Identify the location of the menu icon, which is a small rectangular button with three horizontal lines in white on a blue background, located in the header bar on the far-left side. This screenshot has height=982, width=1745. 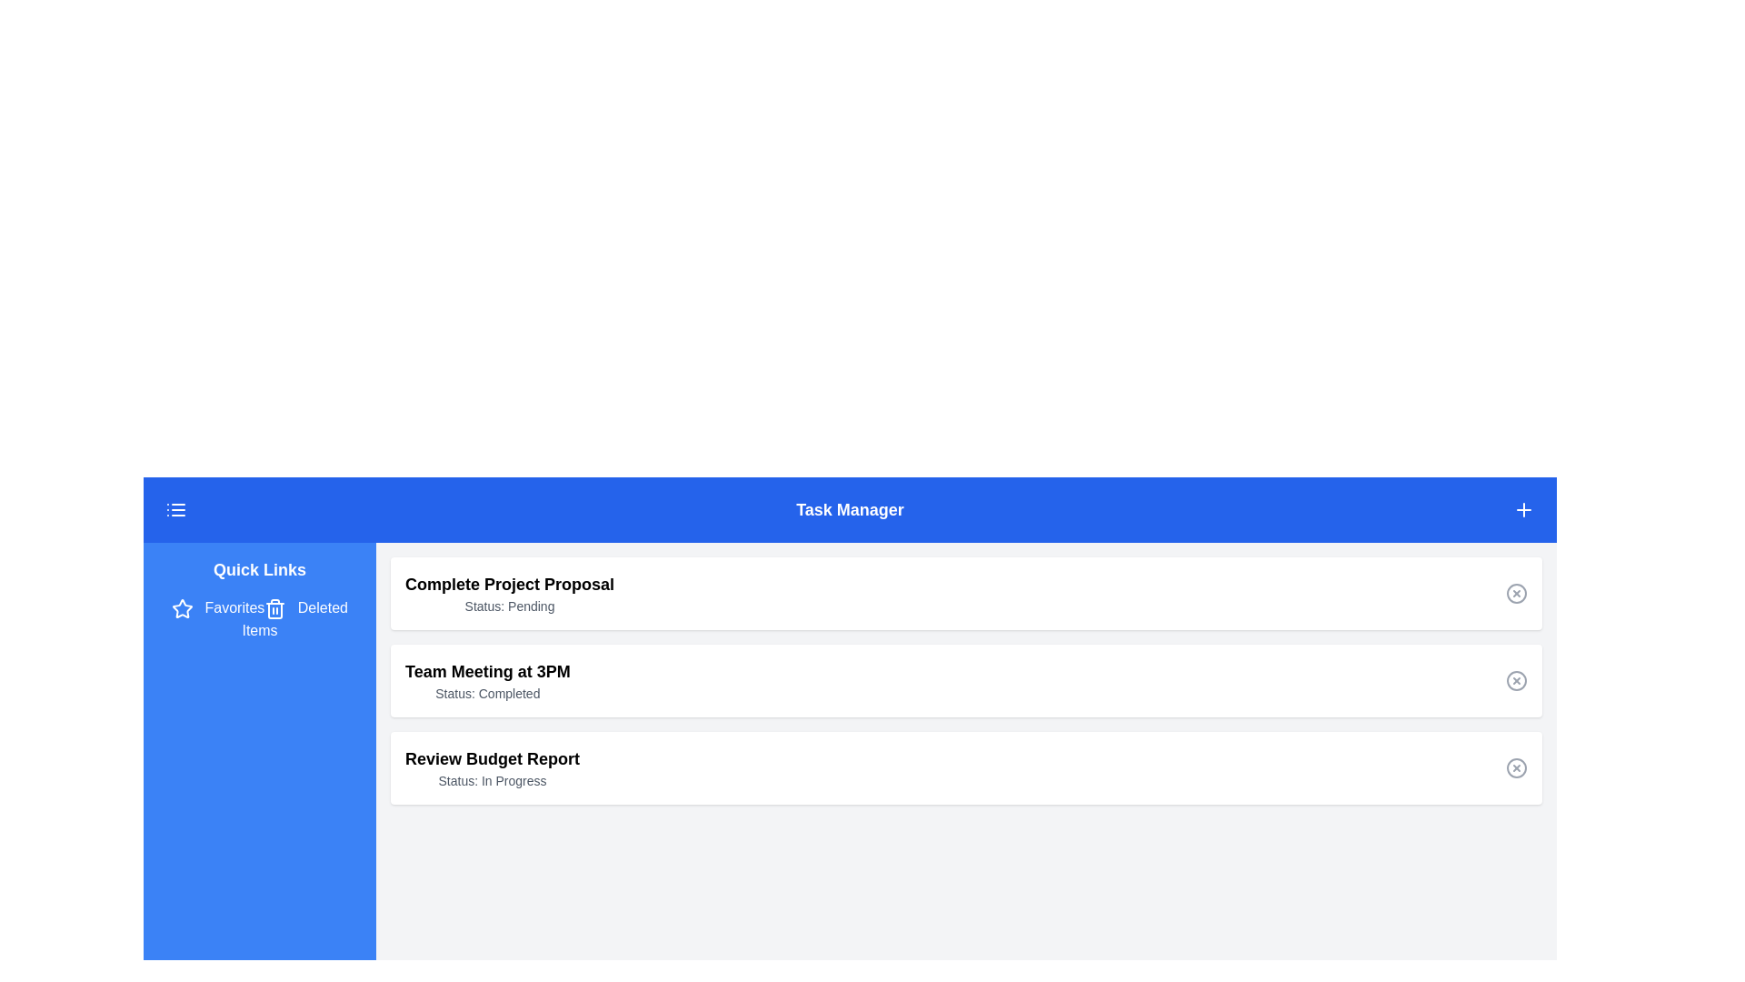
(175, 509).